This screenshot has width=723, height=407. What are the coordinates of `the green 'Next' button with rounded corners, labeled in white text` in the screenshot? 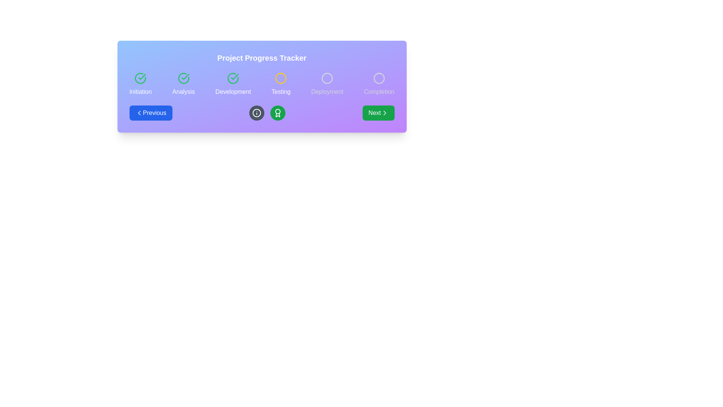 It's located at (378, 113).